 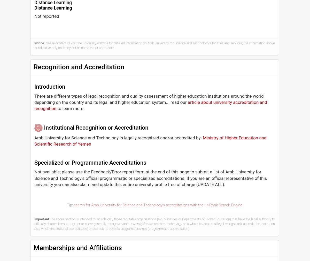 I want to click on 'Specialized or Programmatic Accreditations', so click(x=90, y=162).